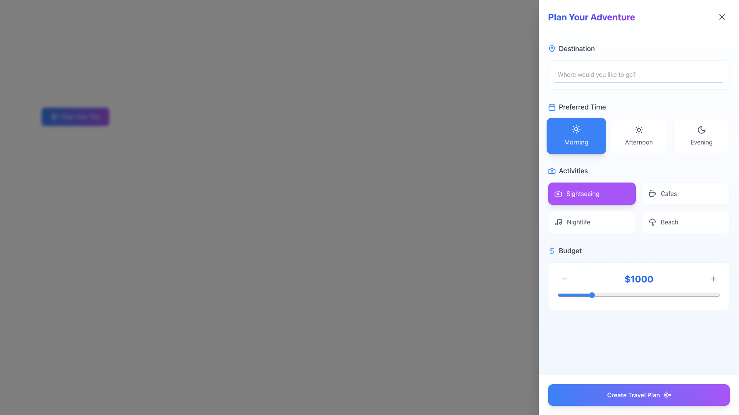 This screenshot has width=739, height=415. What do you see at coordinates (559, 221) in the screenshot?
I see `music-related icon located in the right sidebar of the interface within the 'Activities' section for debugging purposes` at bounding box center [559, 221].